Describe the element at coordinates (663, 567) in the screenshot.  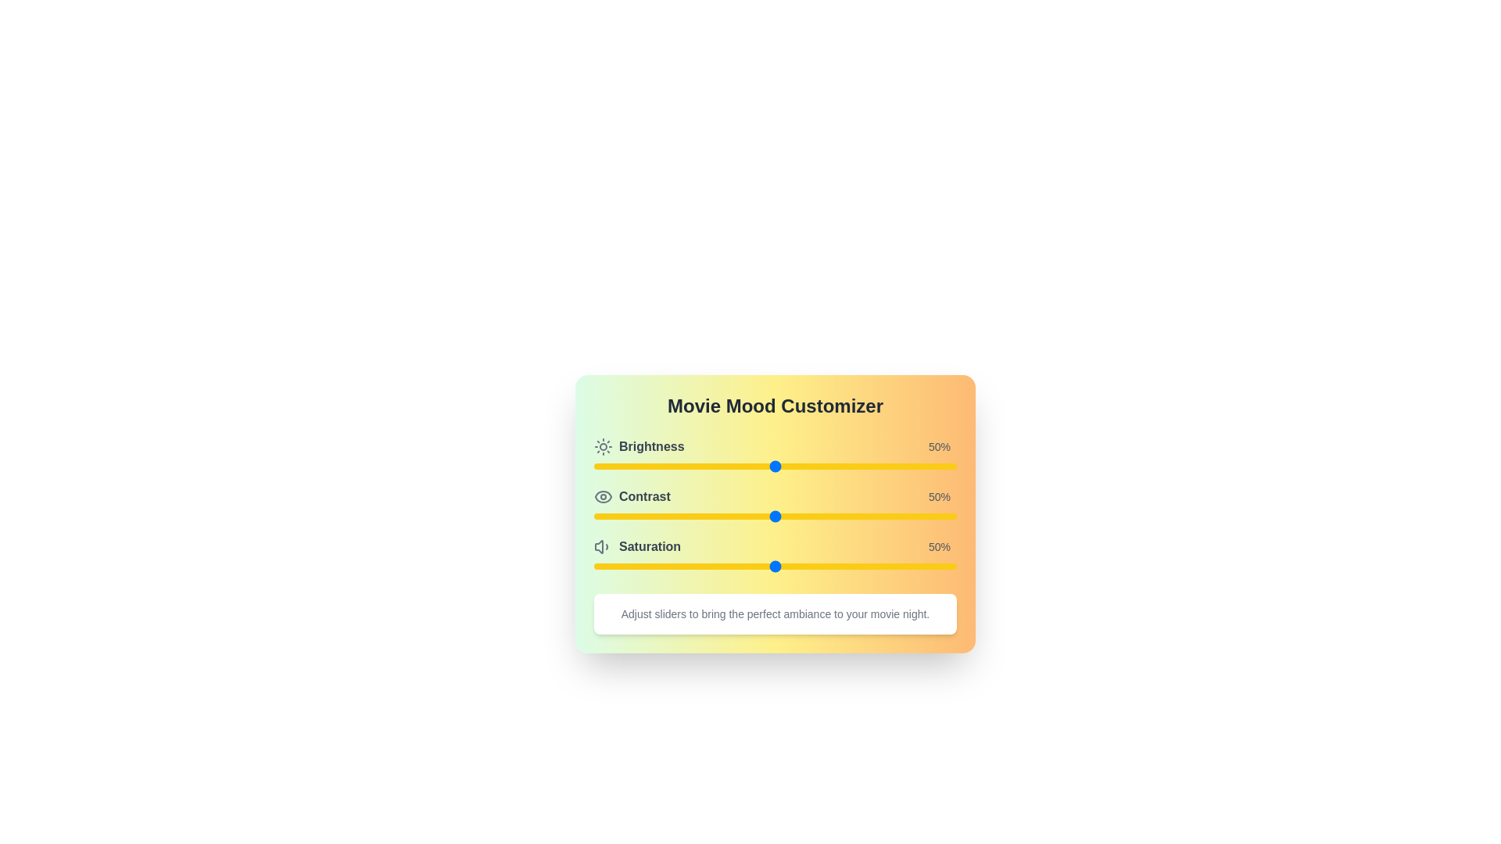
I see `the saturation level` at that location.